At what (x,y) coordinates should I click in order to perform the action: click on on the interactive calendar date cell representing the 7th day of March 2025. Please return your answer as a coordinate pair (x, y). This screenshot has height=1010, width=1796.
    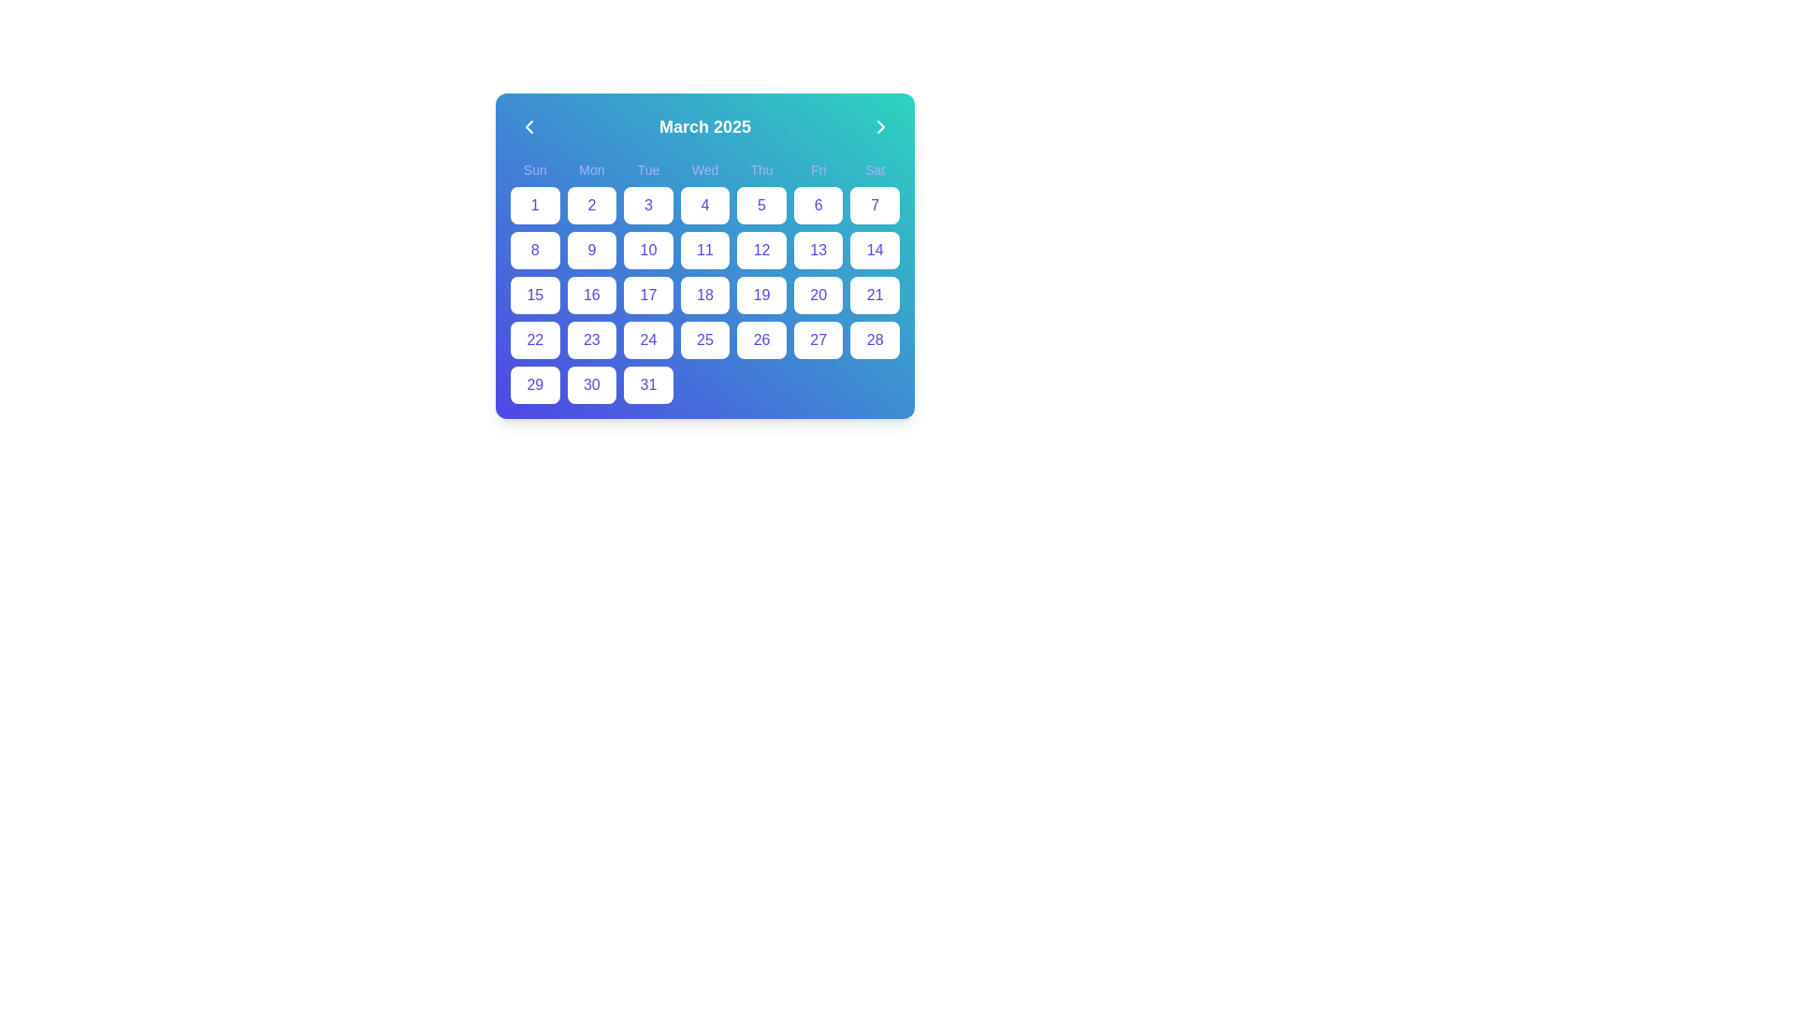
    Looking at the image, I should click on (874, 205).